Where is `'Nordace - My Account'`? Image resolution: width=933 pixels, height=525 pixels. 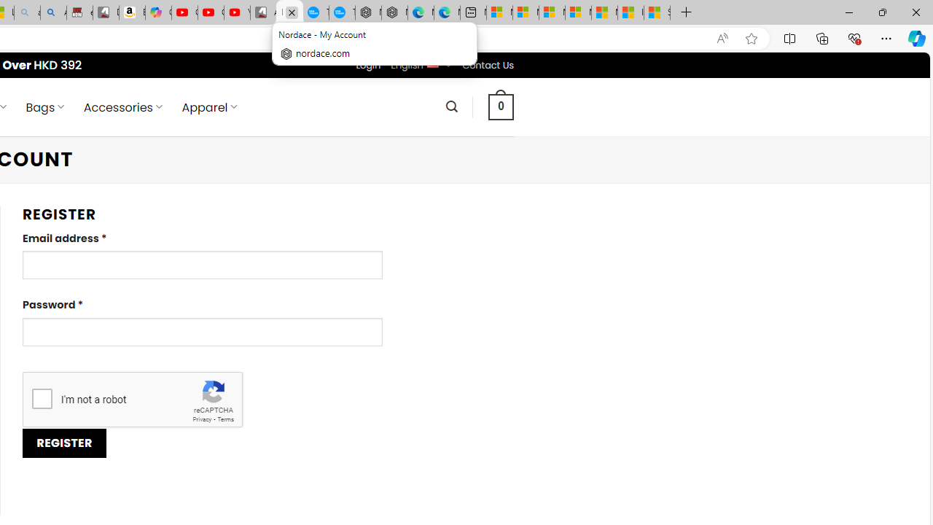
'Nordace - My Account' is located at coordinates (289, 12).